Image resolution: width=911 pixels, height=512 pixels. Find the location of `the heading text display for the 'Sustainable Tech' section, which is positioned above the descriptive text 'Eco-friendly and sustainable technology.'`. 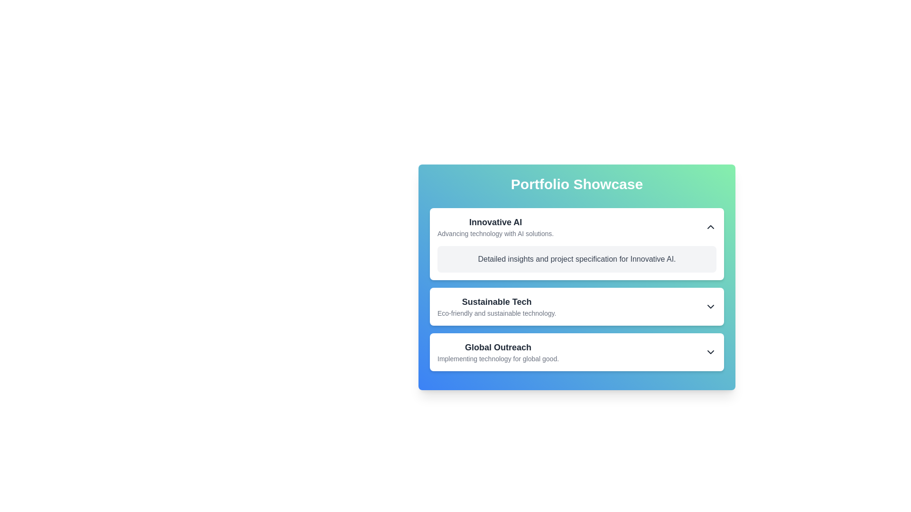

the heading text display for the 'Sustainable Tech' section, which is positioned above the descriptive text 'Eco-friendly and sustainable technology.' is located at coordinates (496, 302).